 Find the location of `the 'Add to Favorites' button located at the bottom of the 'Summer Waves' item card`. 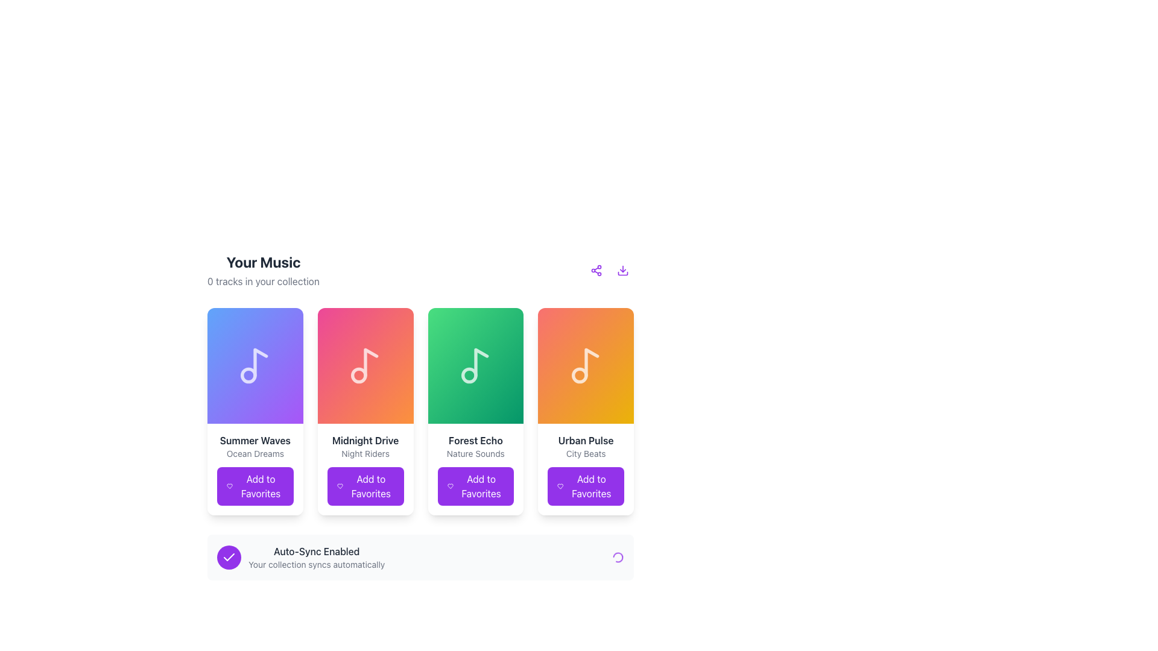

the 'Add to Favorites' button located at the bottom of the 'Summer Waves' item card is located at coordinates (255, 485).